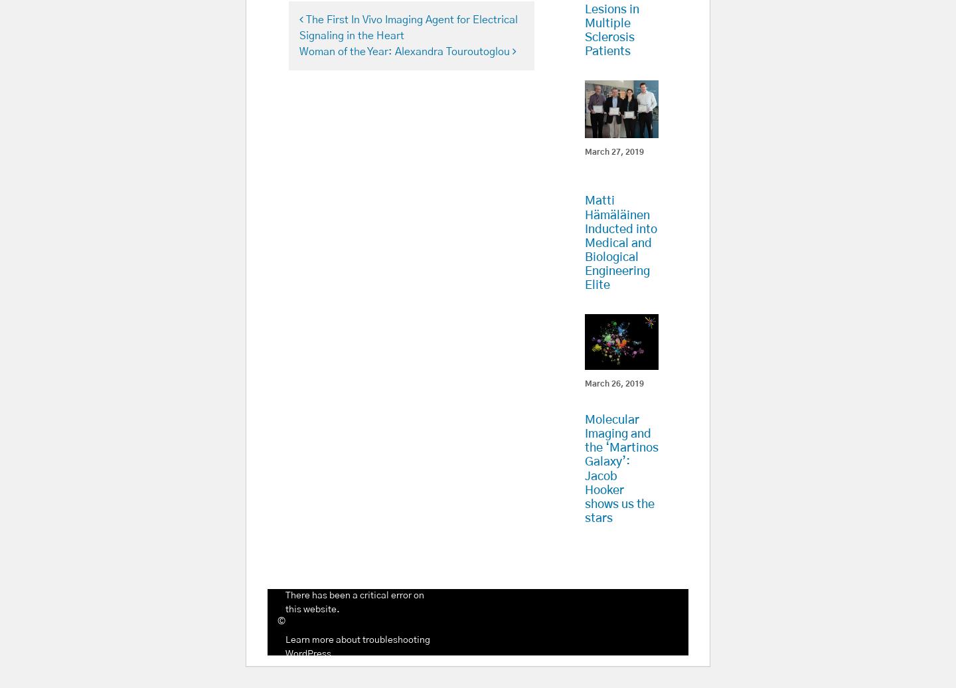 Image resolution: width=956 pixels, height=688 pixels. Describe the element at coordinates (405, 50) in the screenshot. I see `'Woman of the Year: Alexandra Touroutoglou'` at that location.